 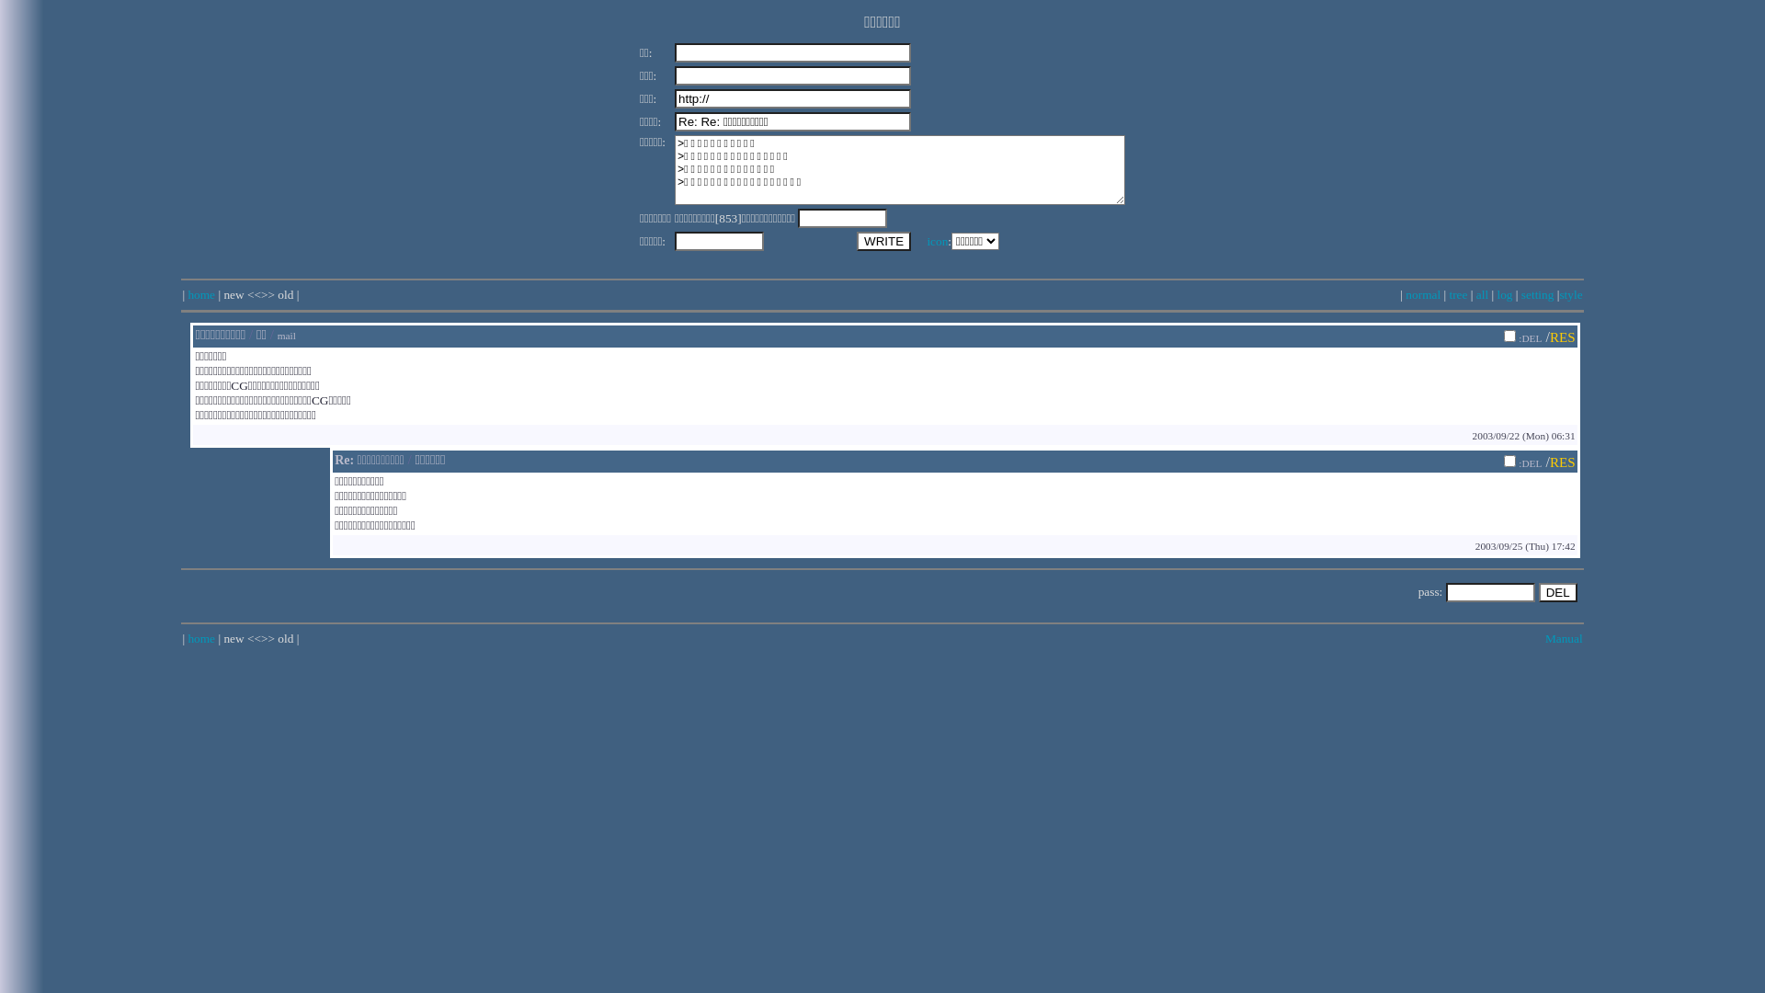 I want to click on 'RES', so click(x=1561, y=461).